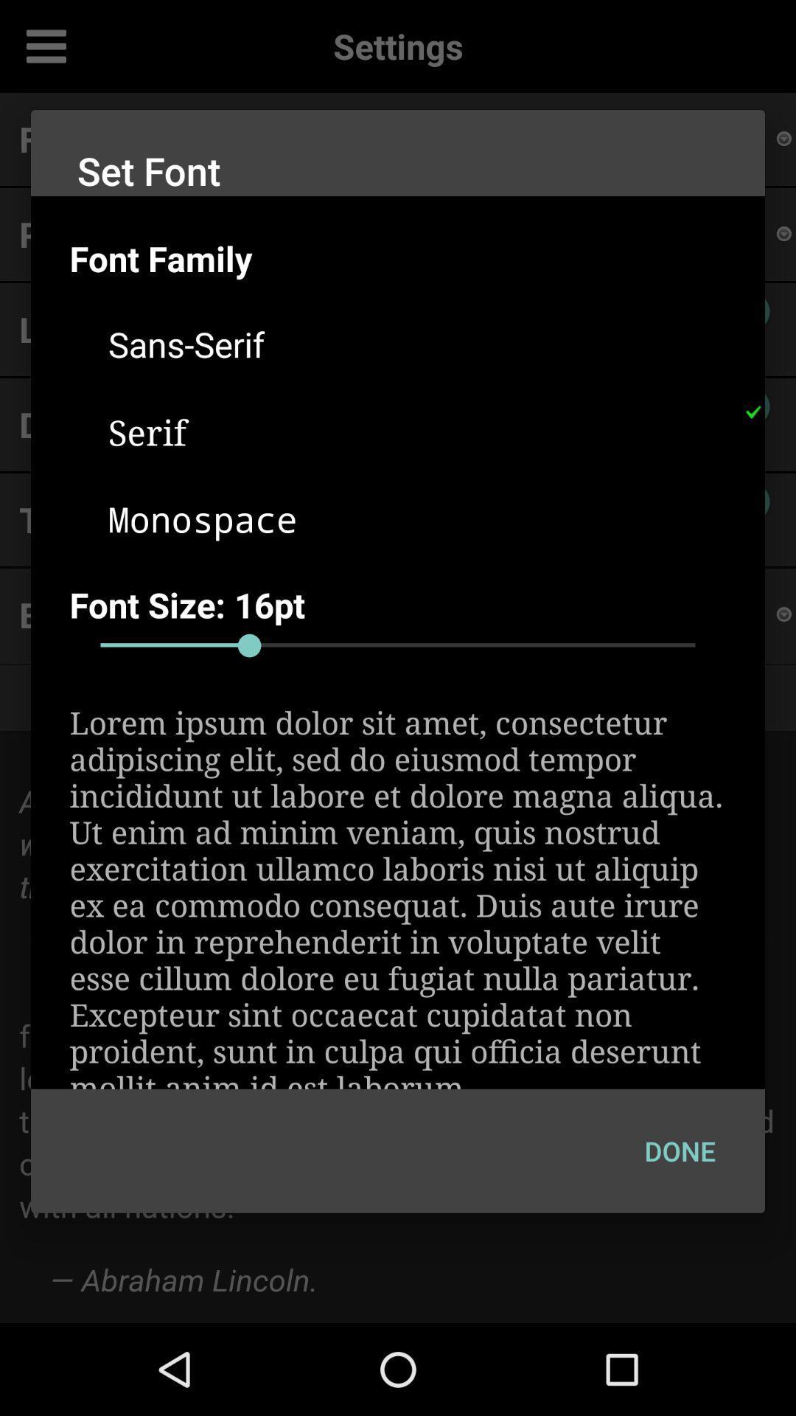 This screenshot has width=796, height=1416. What do you see at coordinates (398, 895) in the screenshot?
I see `item above the done icon` at bounding box center [398, 895].